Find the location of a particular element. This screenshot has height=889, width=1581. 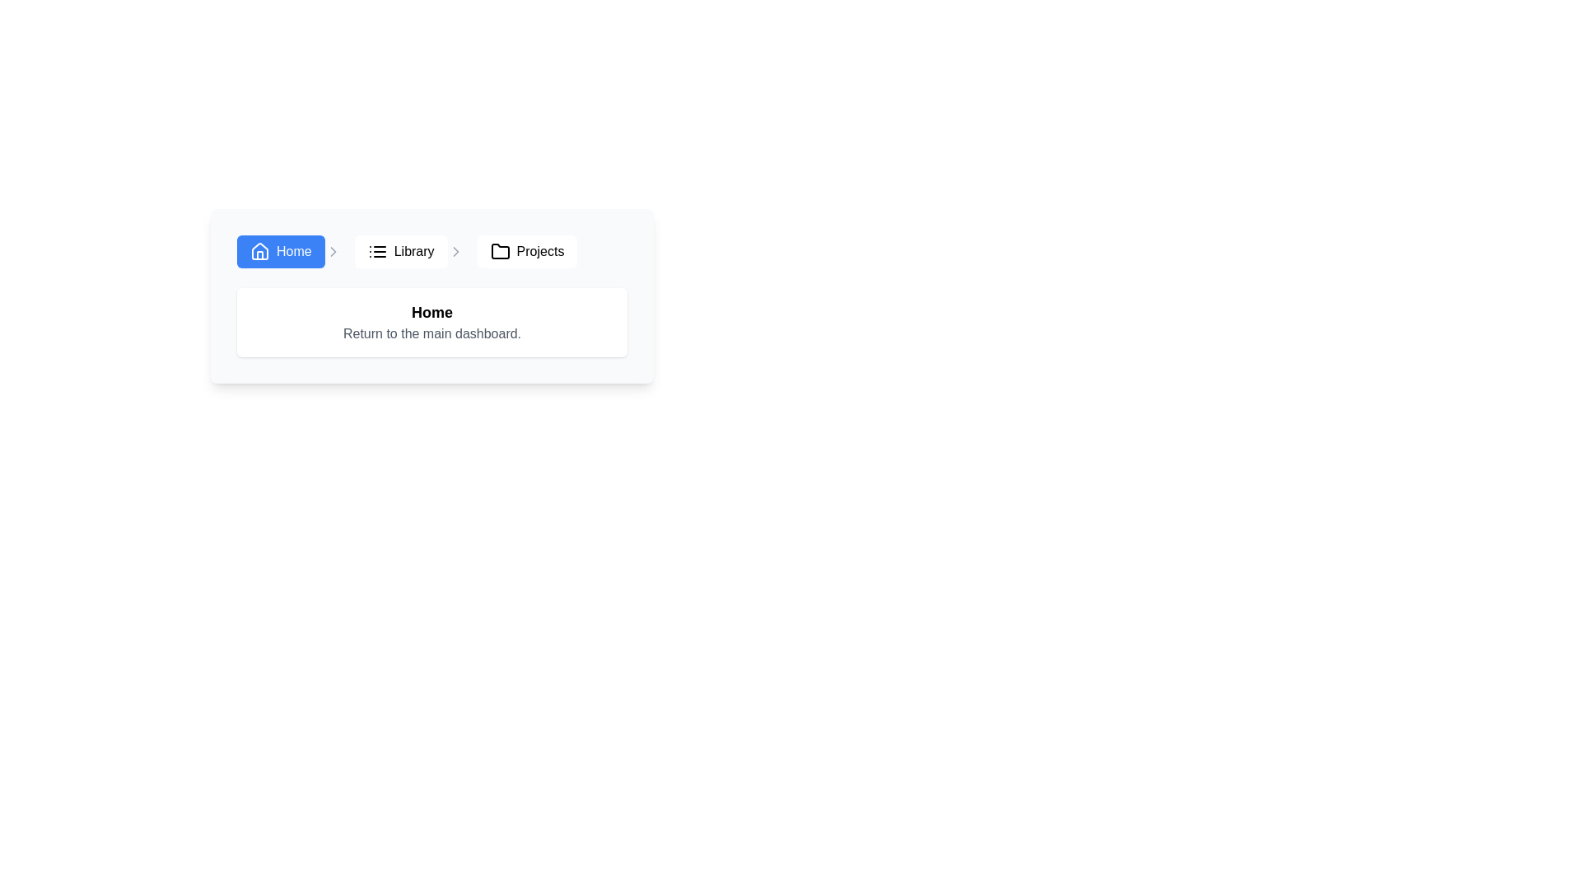

the compact rightward chevron icon in the breadcrumb navigation that is positioned between the Library tab and Projects tab is located at coordinates (455, 251).